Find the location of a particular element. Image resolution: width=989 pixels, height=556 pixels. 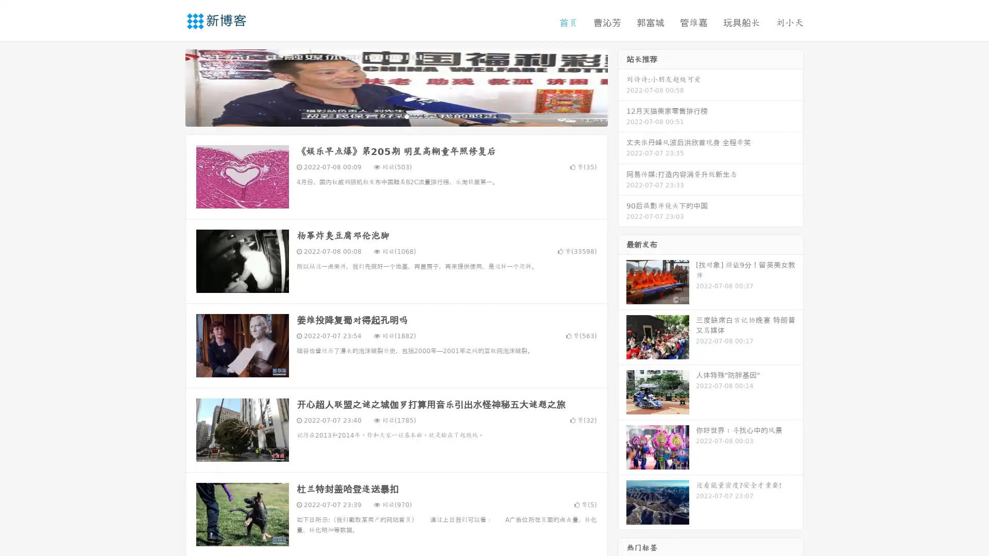

Go to slide 2 is located at coordinates (396, 116).